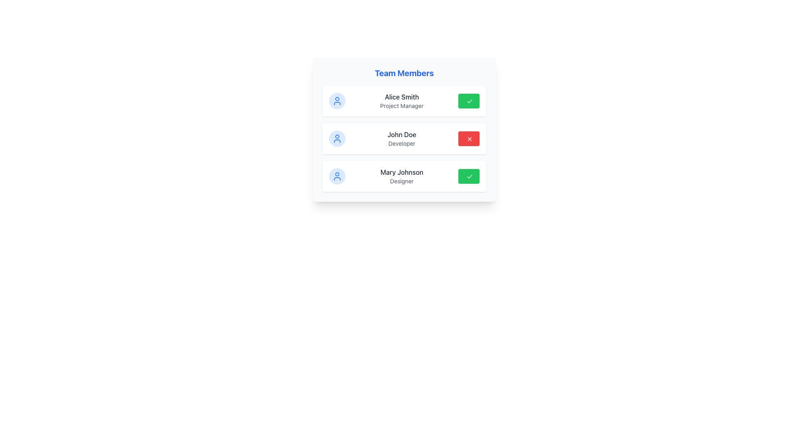  What do you see at coordinates (402, 100) in the screenshot?
I see `the Text Display element showing 'Alice Smith' and 'Project Manager', located in the first row under 'Team Members'` at bounding box center [402, 100].